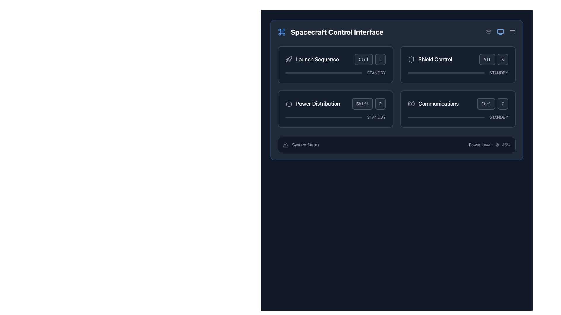  What do you see at coordinates (335, 73) in the screenshot?
I see `the Status indicator or progress bar, which shows 'STANDBY' to its right and is located below the 'Launch Sequence' label in the top-left section of the grid layout` at bounding box center [335, 73].